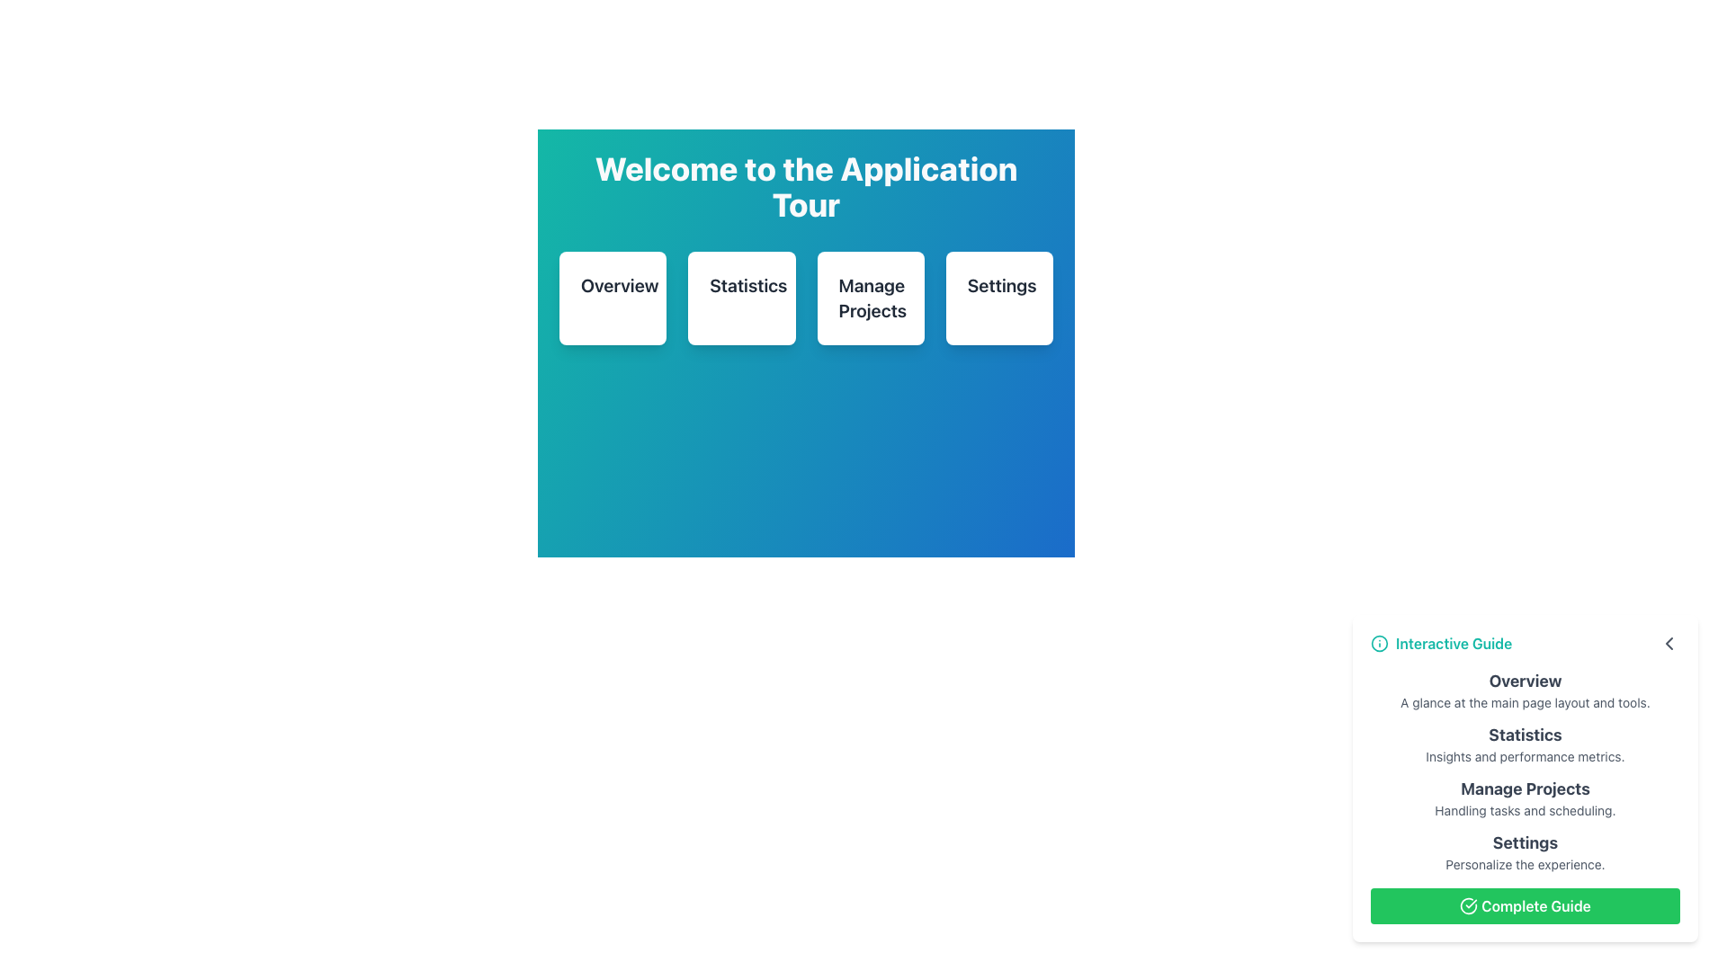  Describe the element at coordinates (1524, 681) in the screenshot. I see `the bold text label 'Overview' which is styled in dark gray and serves as a section header, located at the top of a vertical list of sections` at that location.